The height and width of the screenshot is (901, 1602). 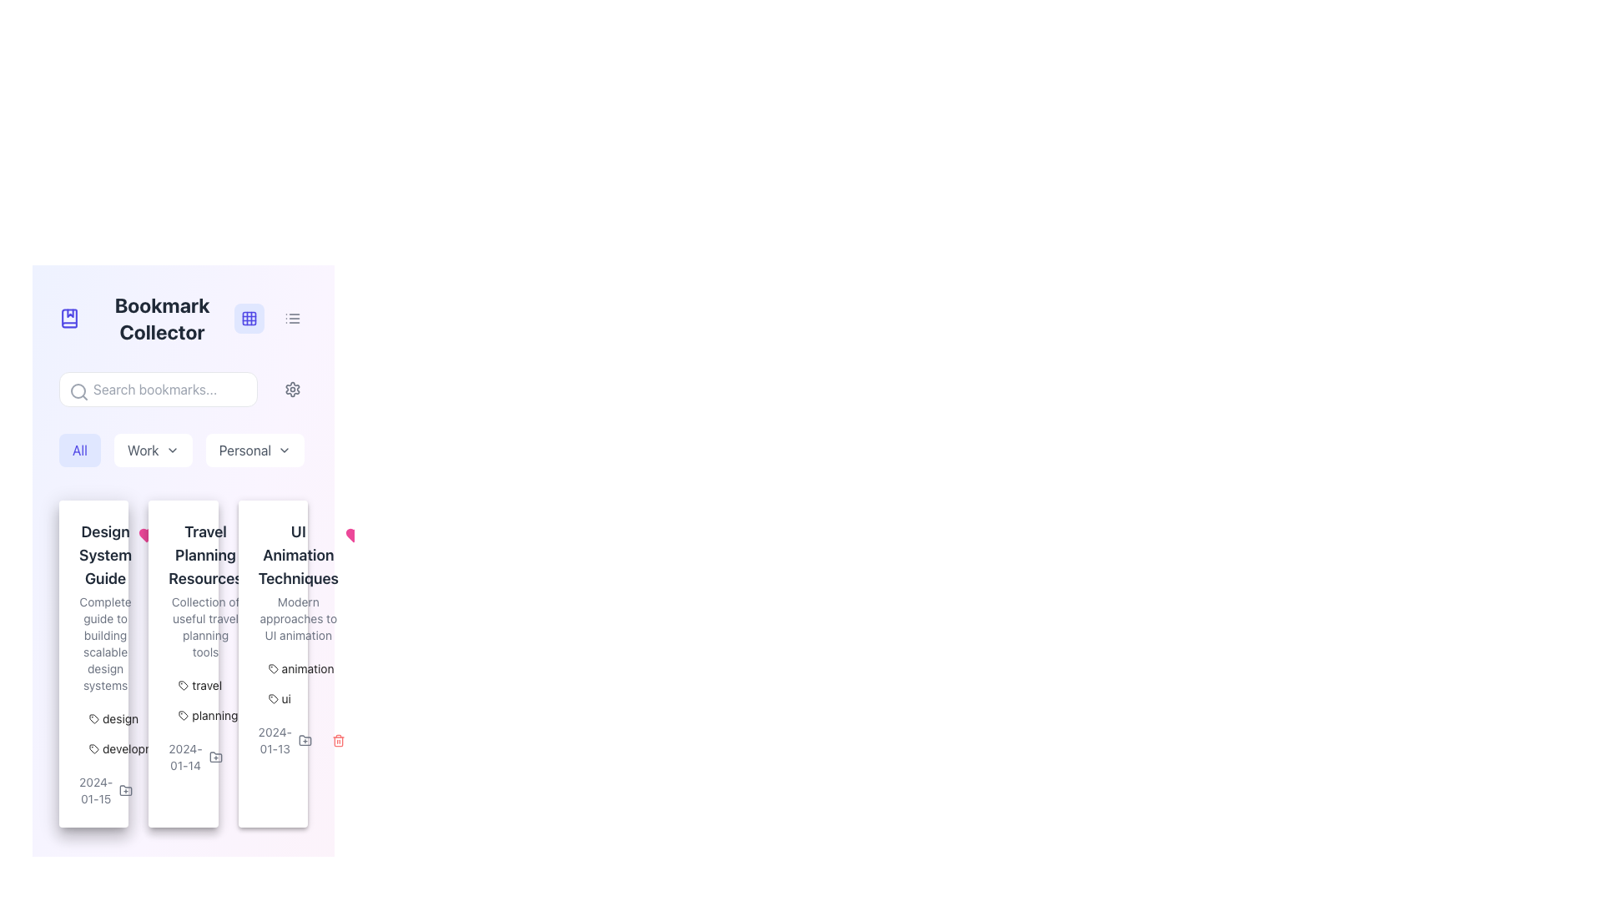 What do you see at coordinates (93, 662) in the screenshot?
I see `the 'Design System Guide' card, which is the first item in the horizontally arranged list of cards` at bounding box center [93, 662].